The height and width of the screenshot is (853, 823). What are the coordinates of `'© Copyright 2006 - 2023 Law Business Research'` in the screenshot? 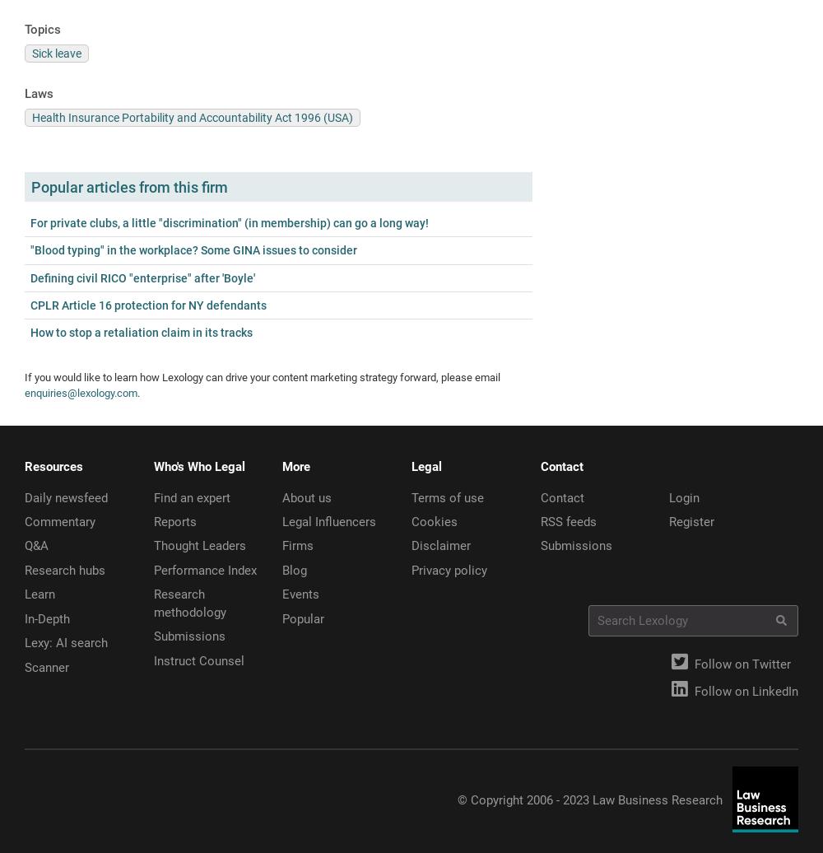 It's located at (589, 799).